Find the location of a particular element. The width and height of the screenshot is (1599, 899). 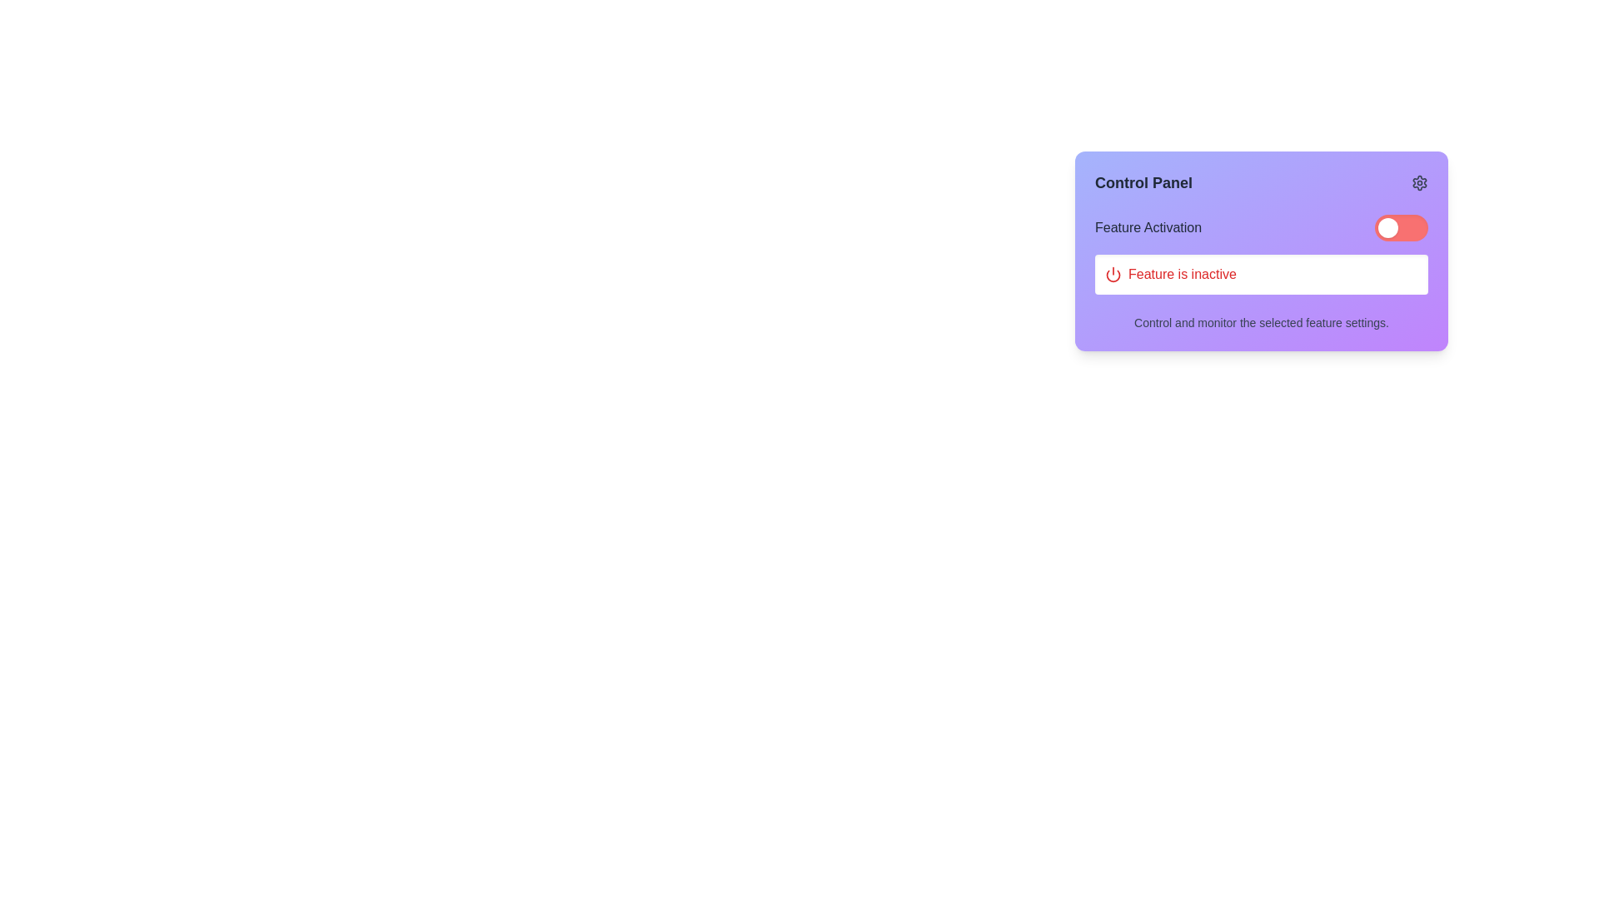

displayed text of the bold, large-font label saying 'Control Panel' located in the top-left area of the purple background card is located at coordinates (1143, 182).